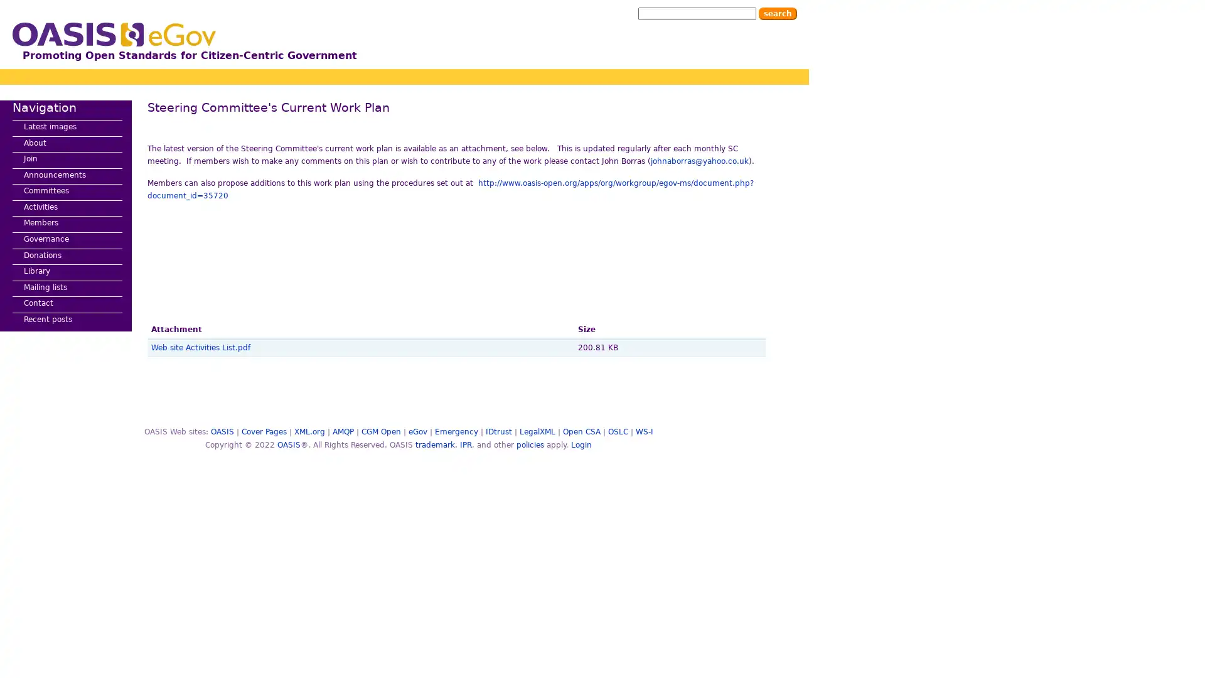 The width and height of the screenshot is (1205, 678). Describe the element at coordinates (777, 14) in the screenshot. I see `Search` at that location.